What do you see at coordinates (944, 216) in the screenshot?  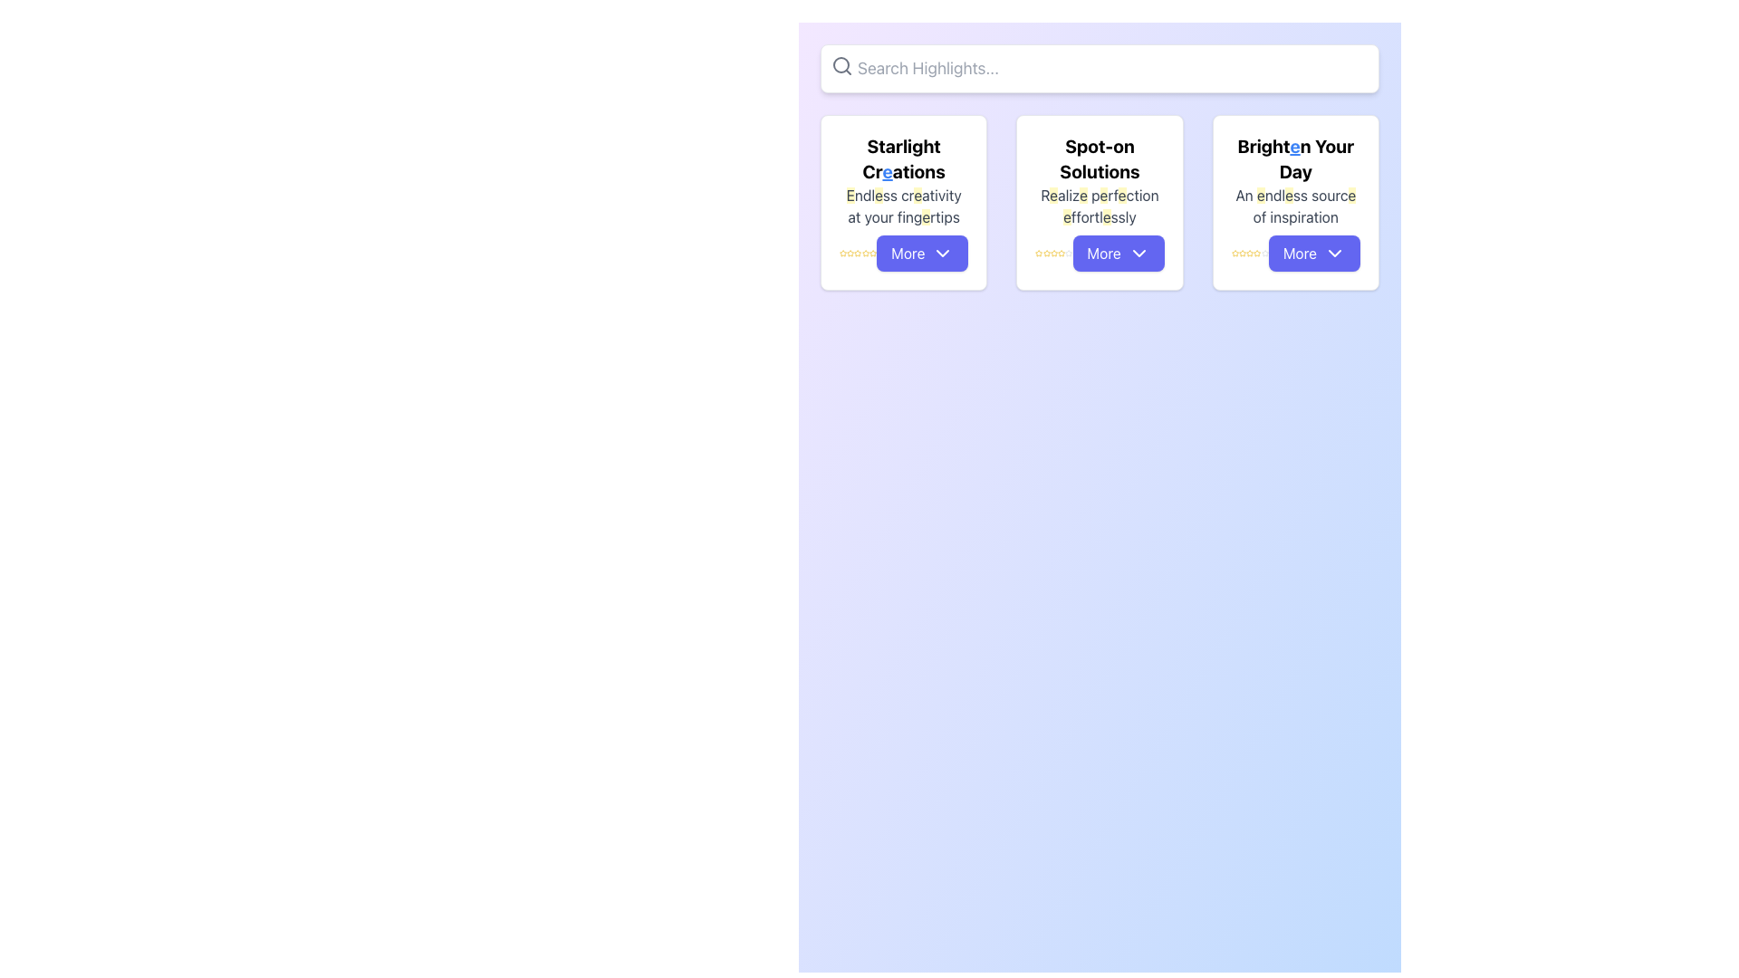 I see `the text element displaying 'fingertips' in the description of the card titled 'Starlight Creations', located towards the bottom left of the card` at bounding box center [944, 216].